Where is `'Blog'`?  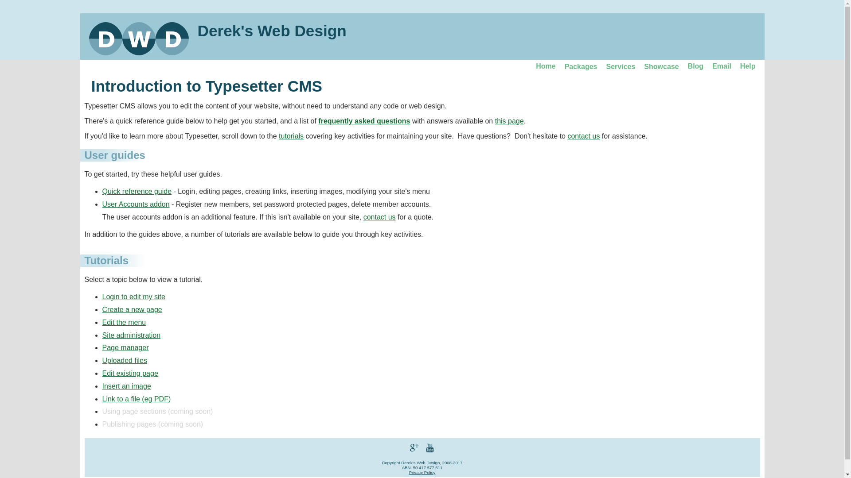 'Blog' is located at coordinates (695, 66).